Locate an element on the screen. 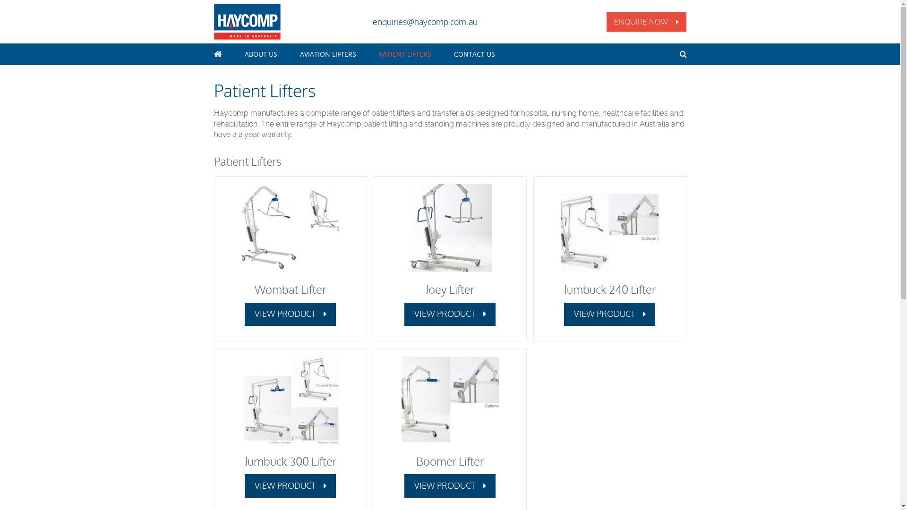 The height and width of the screenshot is (510, 907). 'ABOUT US' is located at coordinates (261, 54).